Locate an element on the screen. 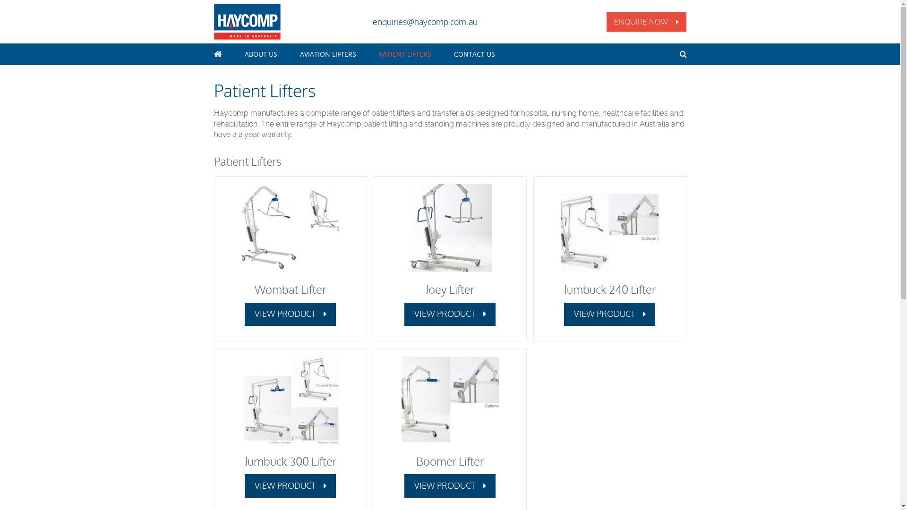 The height and width of the screenshot is (510, 907). 'ABOUT US' is located at coordinates (261, 54).